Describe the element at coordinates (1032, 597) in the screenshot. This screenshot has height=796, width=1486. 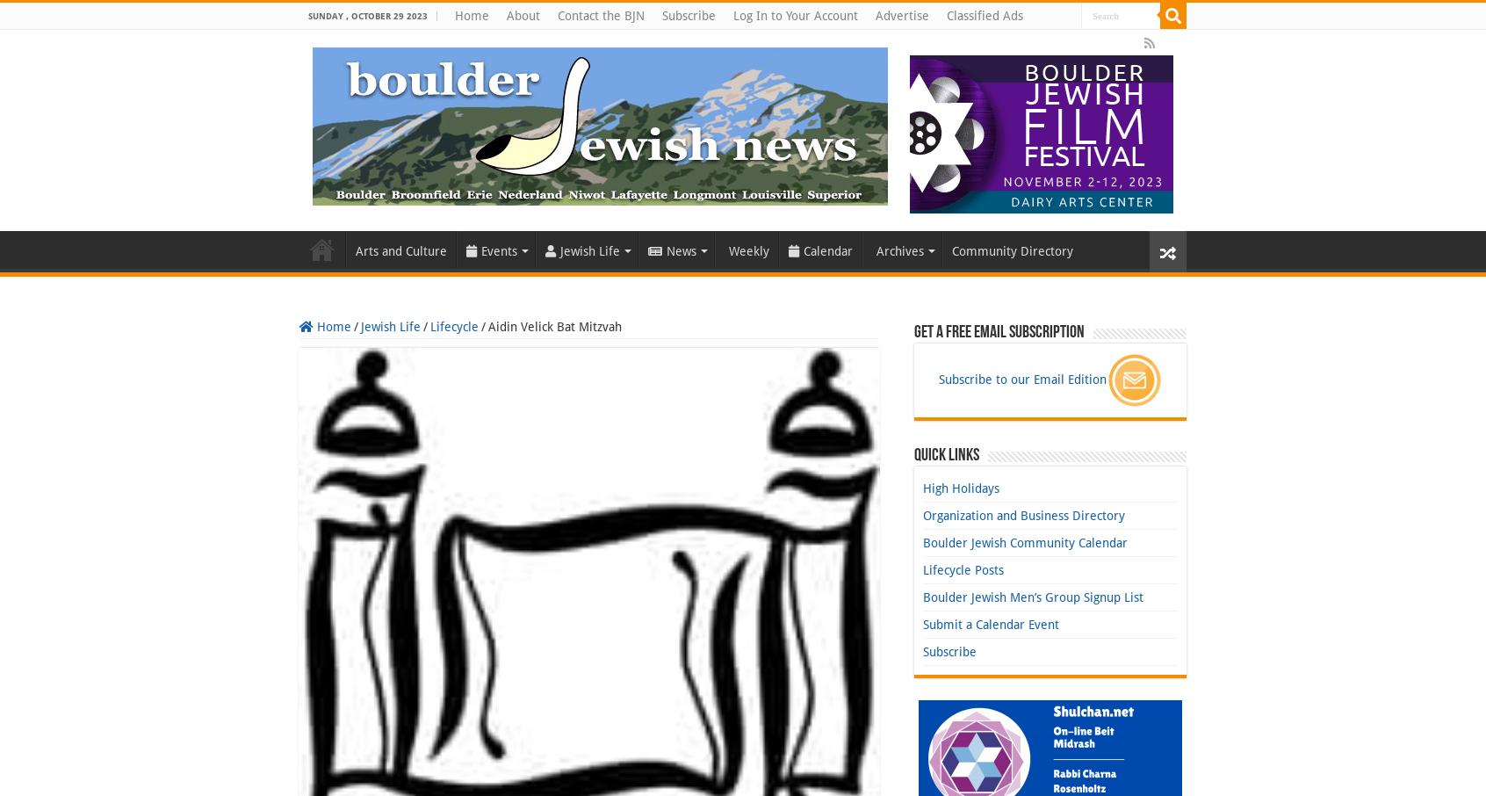
I see `'Boulder Jewish Men’s Group Signup List'` at that location.